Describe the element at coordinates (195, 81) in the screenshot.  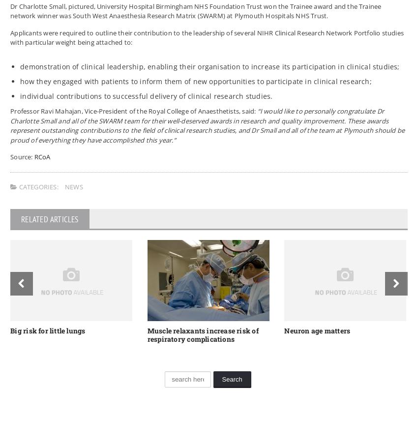
I see `'how they engaged with patients to inform them of new opportunities to participate in clinical research;'` at that location.